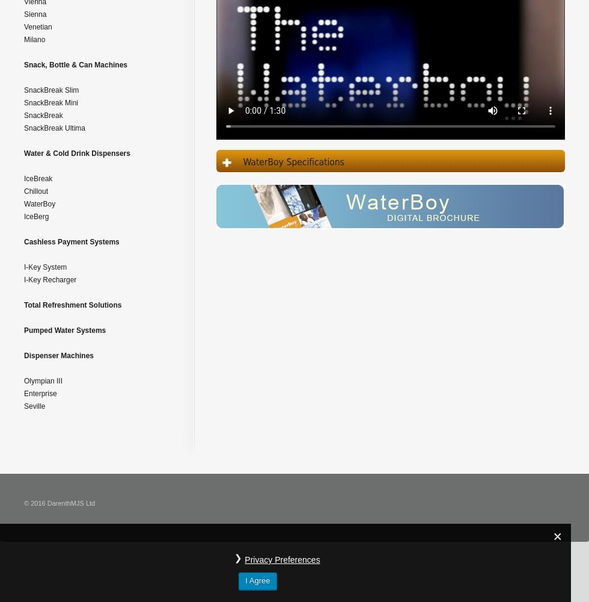 Image resolution: width=589 pixels, height=602 pixels. Describe the element at coordinates (257, 580) in the screenshot. I see `'I Agree'` at that location.